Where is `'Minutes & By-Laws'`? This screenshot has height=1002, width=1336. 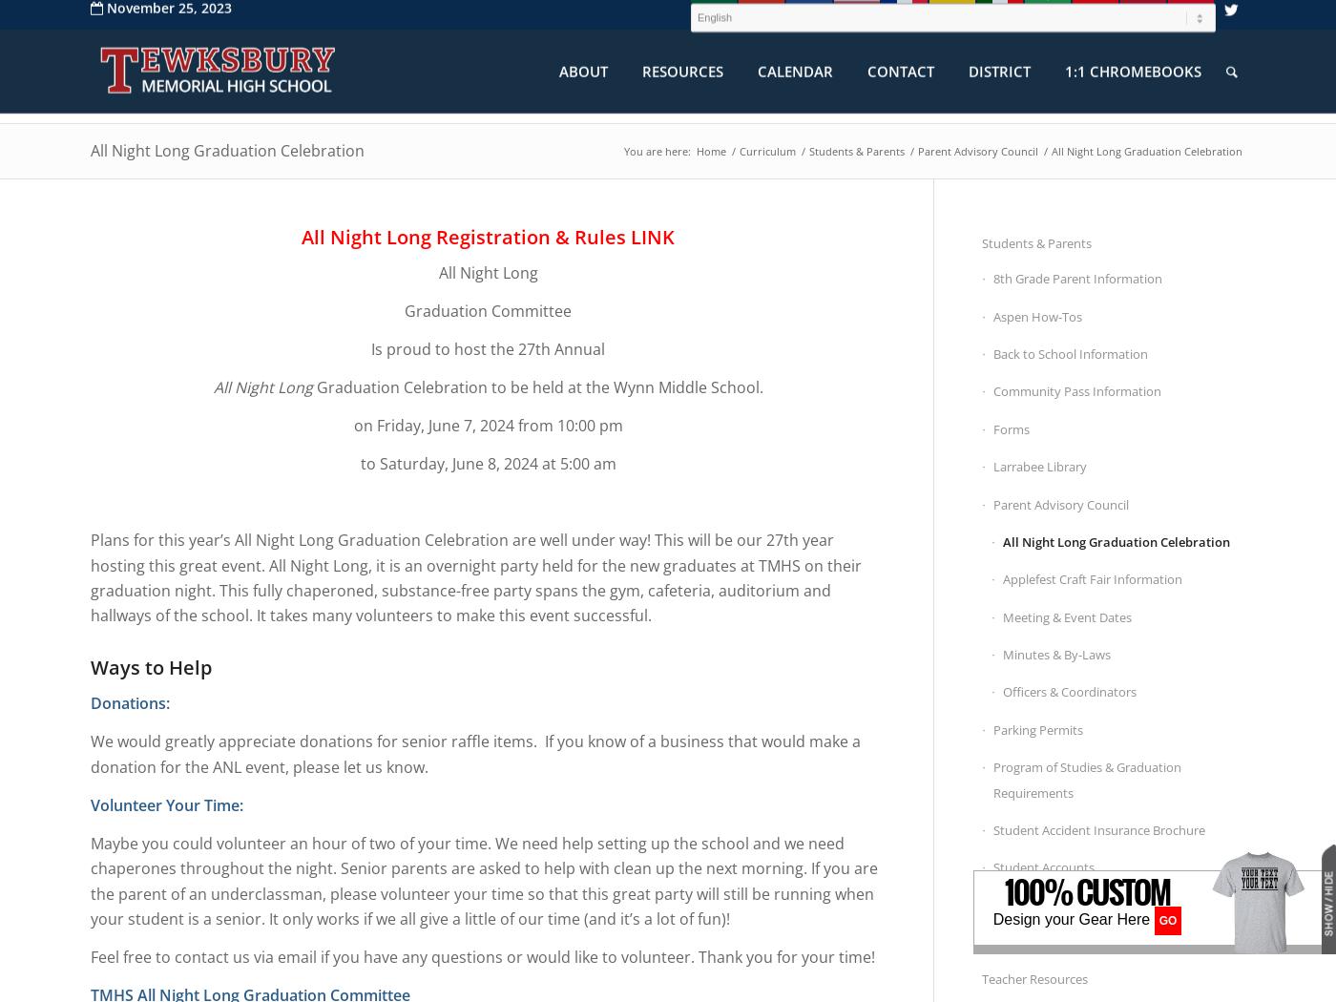 'Minutes & By-Laws' is located at coordinates (1002, 654).